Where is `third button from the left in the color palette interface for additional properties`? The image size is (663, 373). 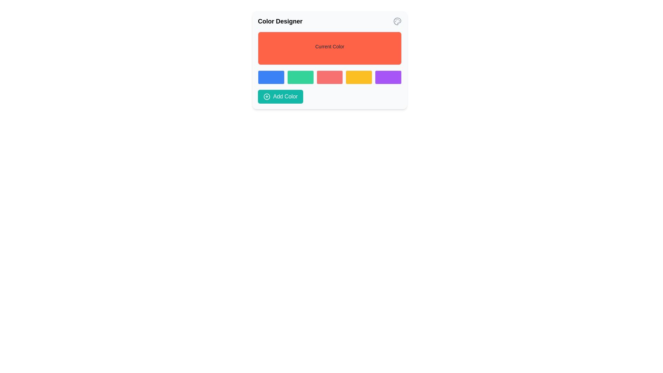
third button from the left in the color palette interface for additional properties is located at coordinates (329, 77).